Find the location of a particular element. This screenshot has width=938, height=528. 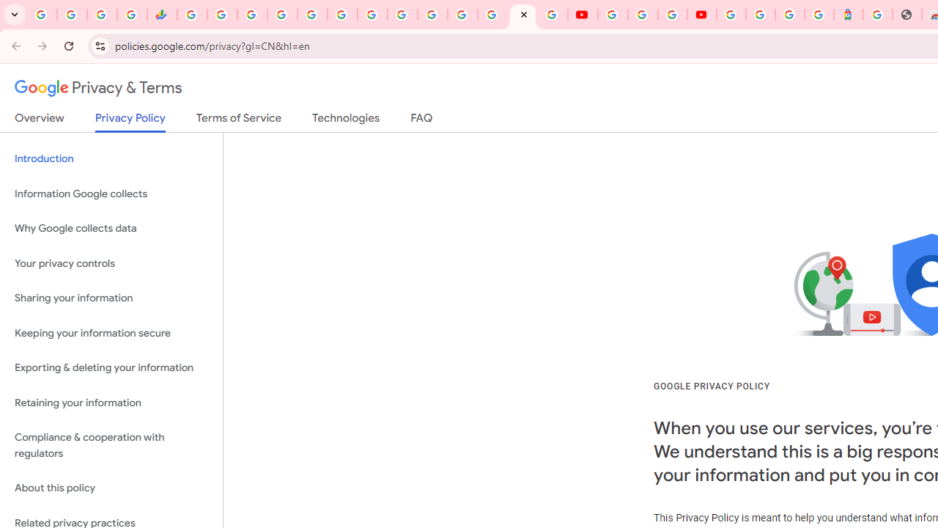

'Google Workspace Admin Community' is located at coordinates (42, 15).